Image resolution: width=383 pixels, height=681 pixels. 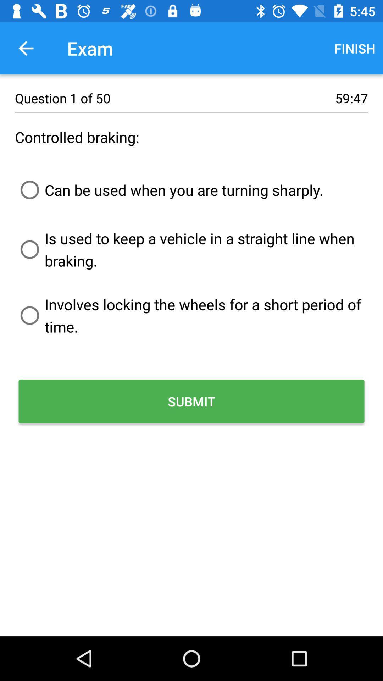 What do you see at coordinates (169, 190) in the screenshot?
I see `item above is used to` at bounding box center [169, 190].